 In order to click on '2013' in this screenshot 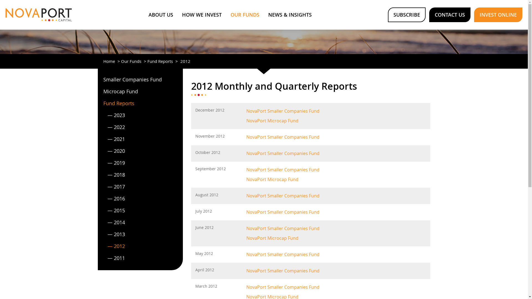, I will do `click(140, 232)`.